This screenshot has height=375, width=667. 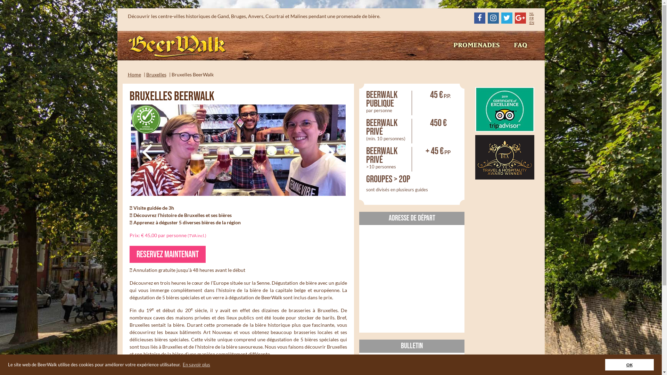 I want to click on 'BeerWalk Facebook', so click(x=479, y=17).